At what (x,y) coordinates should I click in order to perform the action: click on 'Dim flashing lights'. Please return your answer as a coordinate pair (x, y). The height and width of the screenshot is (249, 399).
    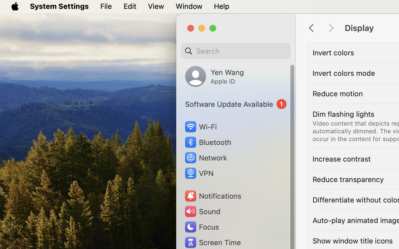
    Looking at the image, I should click on (343, 114).